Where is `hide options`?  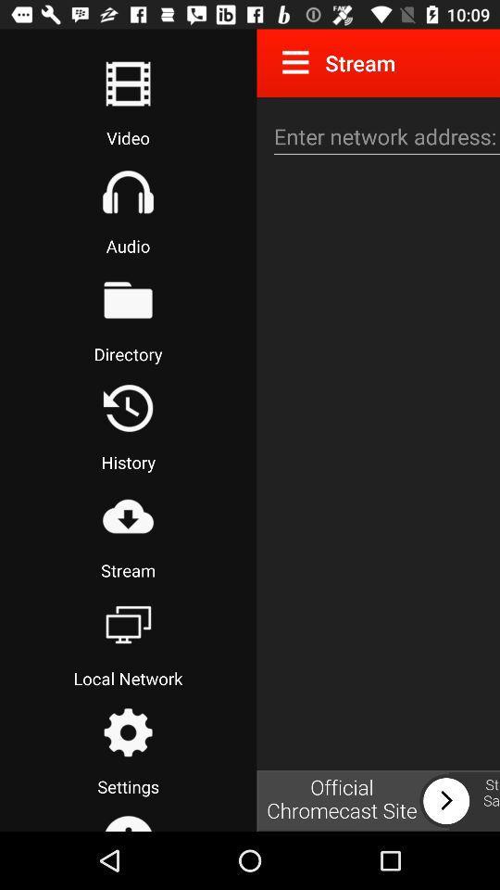
hide options is located at coordinates (299, 62).